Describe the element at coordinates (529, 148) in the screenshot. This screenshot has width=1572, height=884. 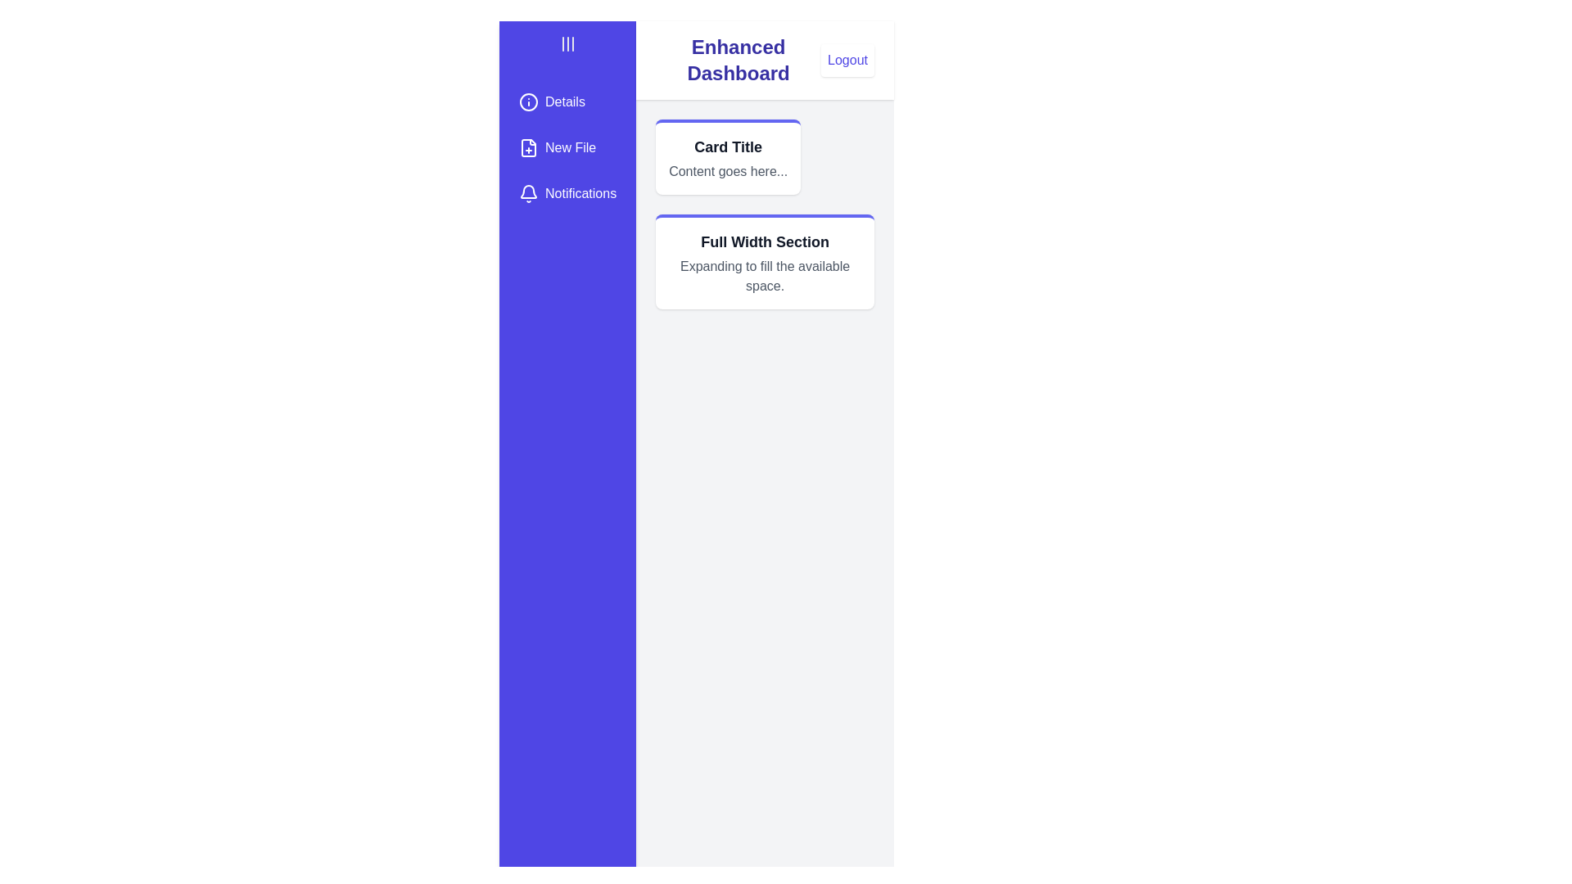
I see `the 'New File' icon in the sidebar menu` at that location.